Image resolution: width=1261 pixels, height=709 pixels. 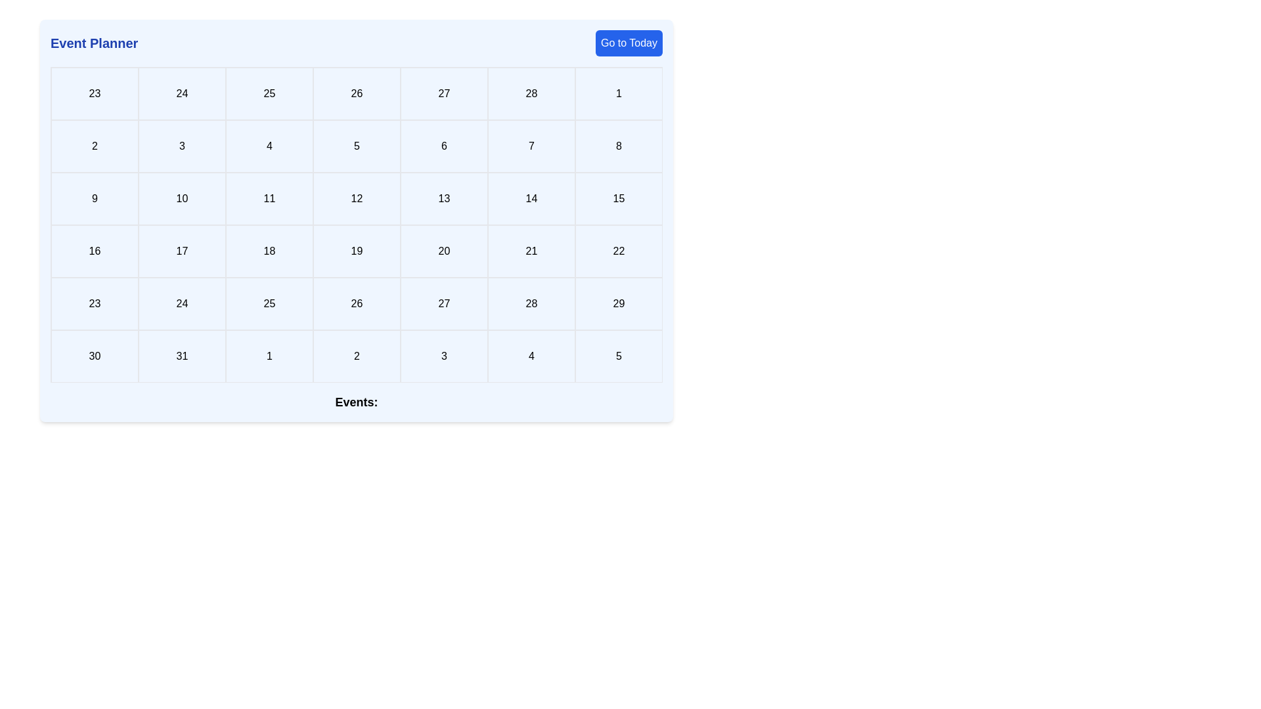 I want to click on on the day representation in the calendar grid located in the fourth position of the third row, so click(x=181, y=199).